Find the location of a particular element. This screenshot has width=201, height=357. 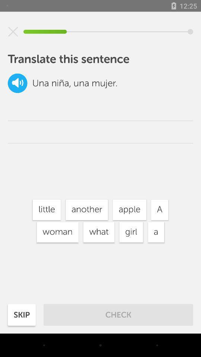

check icon is located at coordinates (118, 314).